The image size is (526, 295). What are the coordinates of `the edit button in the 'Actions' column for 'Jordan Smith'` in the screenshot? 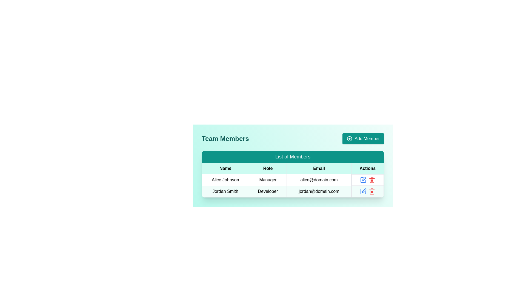 It's located at (364, 179).